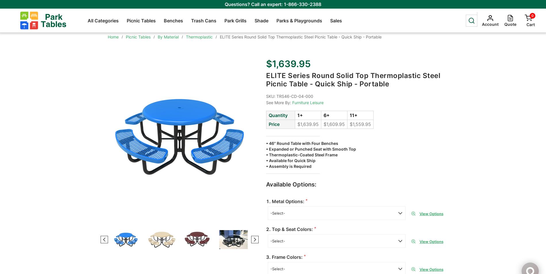  What do you see at coordinates (224, 4) in the screenshot?
I see `'Questions? Call an expert:'` at bounding box center [224, 4].